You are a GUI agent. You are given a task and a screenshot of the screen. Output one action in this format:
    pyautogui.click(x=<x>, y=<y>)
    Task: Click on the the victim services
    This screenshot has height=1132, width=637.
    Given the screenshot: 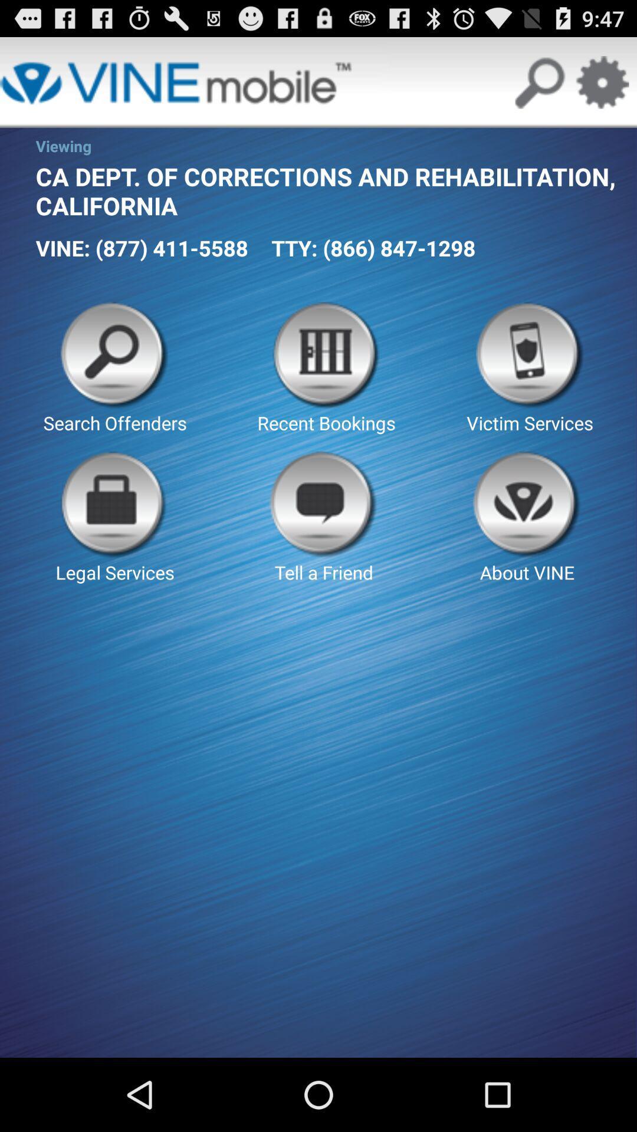 What is the action you would take?
    pyautogui.click(x=529, y=368)
    